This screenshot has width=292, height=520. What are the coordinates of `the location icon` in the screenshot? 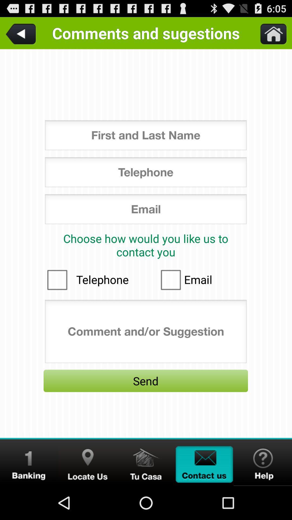 It's located at (87, 495).